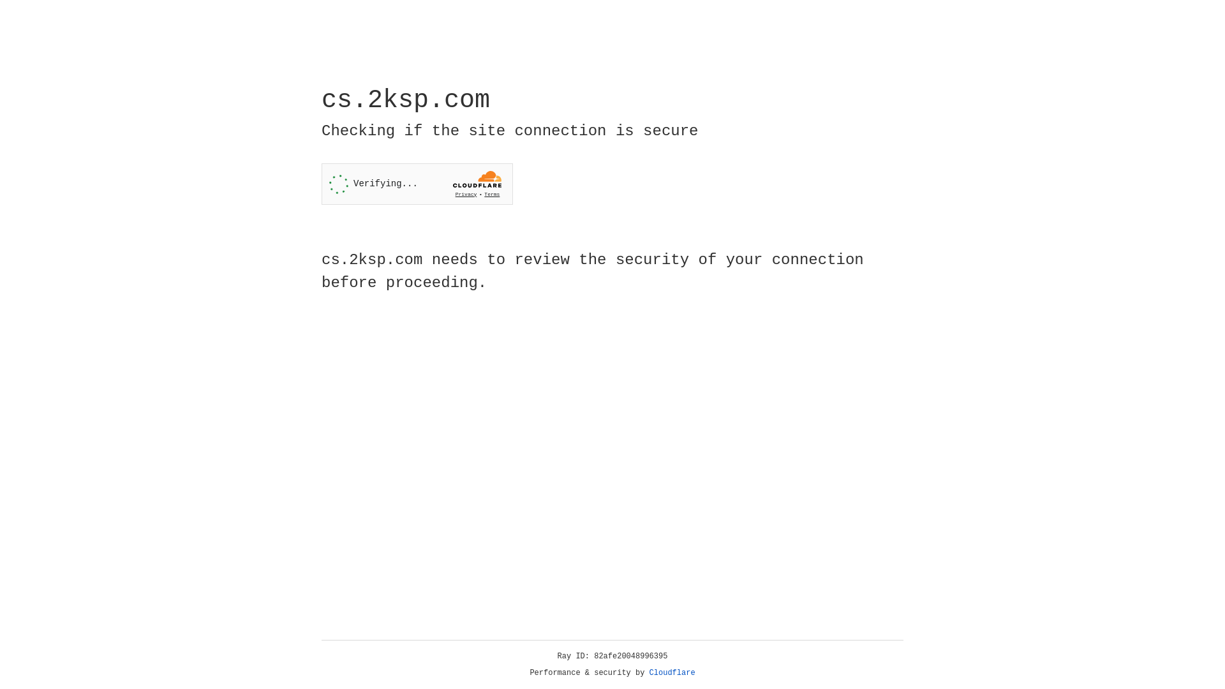  What do you see at coordinates (672, 672) in the screenshot?
I see `'Cloudflare'` at bounding box center [672, 672].